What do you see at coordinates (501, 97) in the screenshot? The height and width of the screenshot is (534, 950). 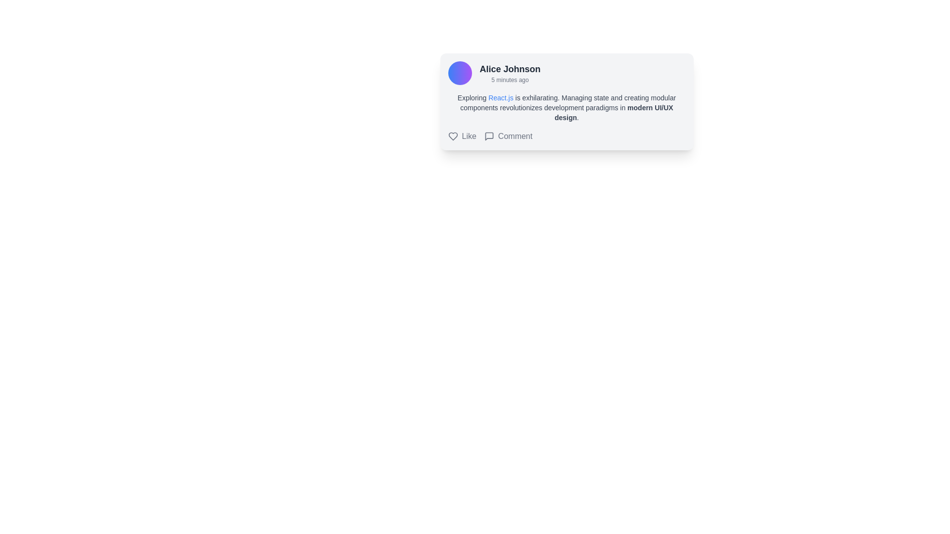 I see `the blue, underlined text 'React.js', which is a hyperlink embedded in the sentence 'Exploring React.js is exhilarating.'` at bounding box center [501, 97].